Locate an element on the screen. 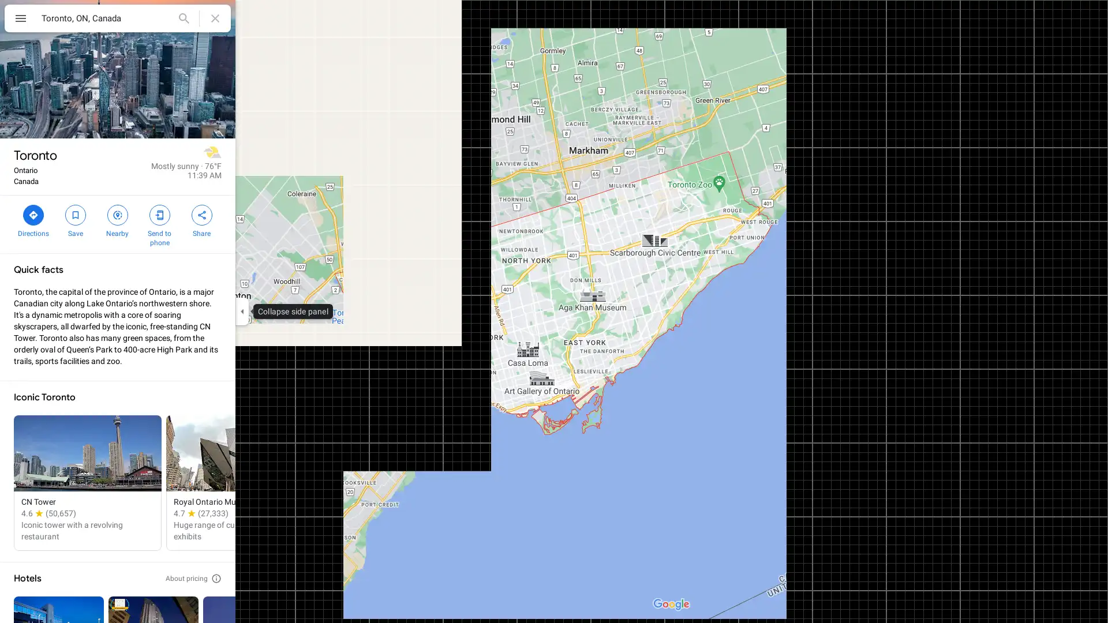 The width and height of the screenshot is (1108, 623). Send Toronto to your phone is located at coordinates (159, 224).